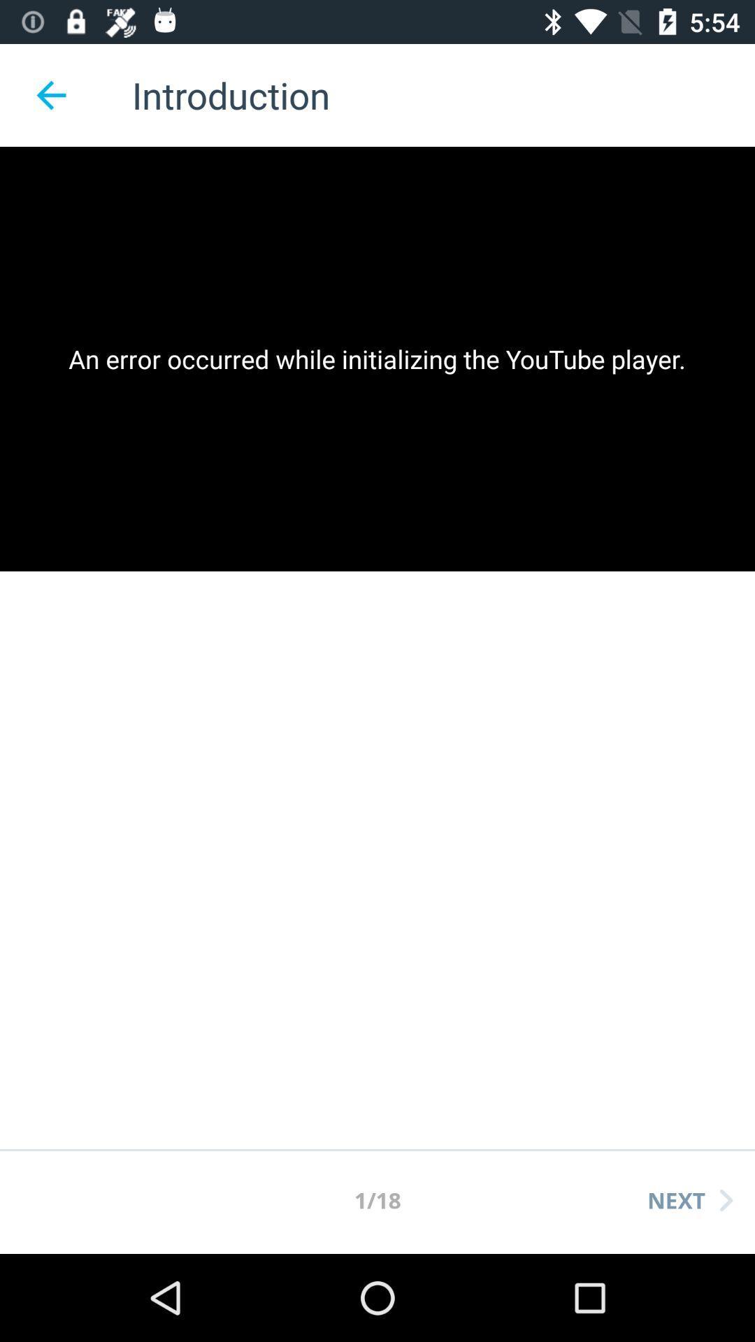 This screenshot has width=755, height=1342. What do you see at coordinates (689, 1199) in the screenshot?
I see `icon below an error occurred app` at bounding box center [689, 1199].